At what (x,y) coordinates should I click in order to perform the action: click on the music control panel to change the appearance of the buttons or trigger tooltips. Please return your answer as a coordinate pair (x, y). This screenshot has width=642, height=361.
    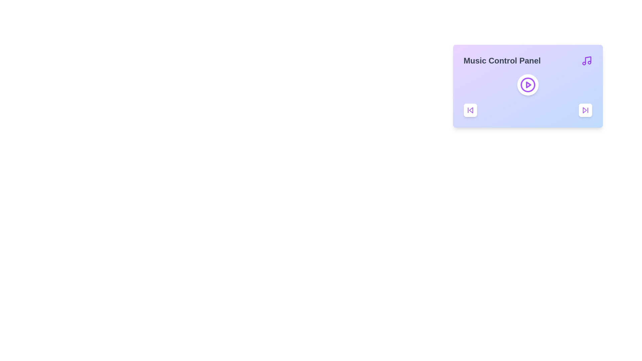
    Looking at the image, I should click on (527, 86).